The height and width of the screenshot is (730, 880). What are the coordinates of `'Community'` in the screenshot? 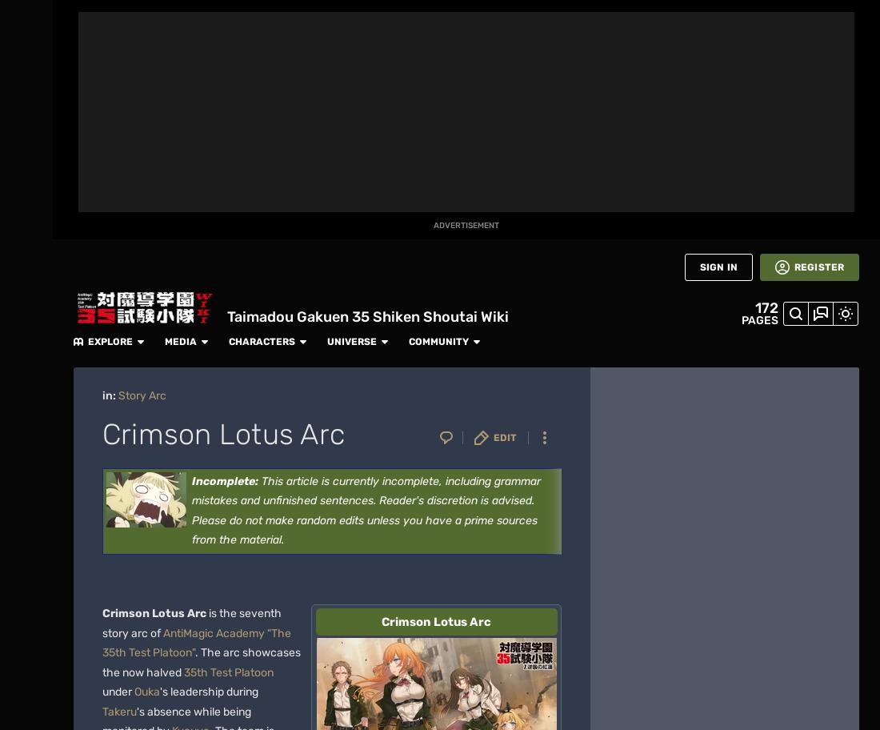 It's located at (674, 17).